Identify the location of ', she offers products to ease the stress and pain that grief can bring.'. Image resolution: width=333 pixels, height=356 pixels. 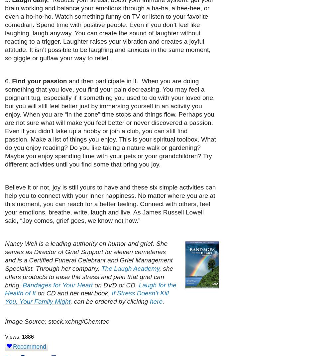
(5, 276).